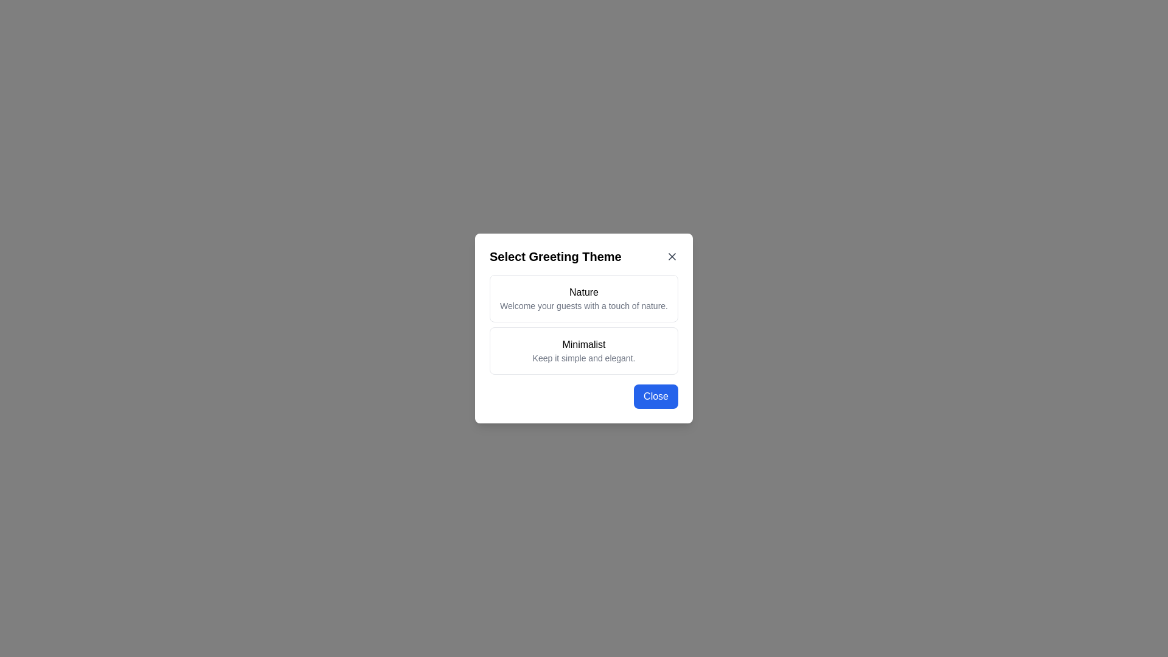 This screenshot has height=657, width=1168. Describe the element at coordinates (584, 351) in the screenshot. I see `the 'Minimalist' selectable card, which is the second option in a vertically stacked layout of two similar elements` at that location.